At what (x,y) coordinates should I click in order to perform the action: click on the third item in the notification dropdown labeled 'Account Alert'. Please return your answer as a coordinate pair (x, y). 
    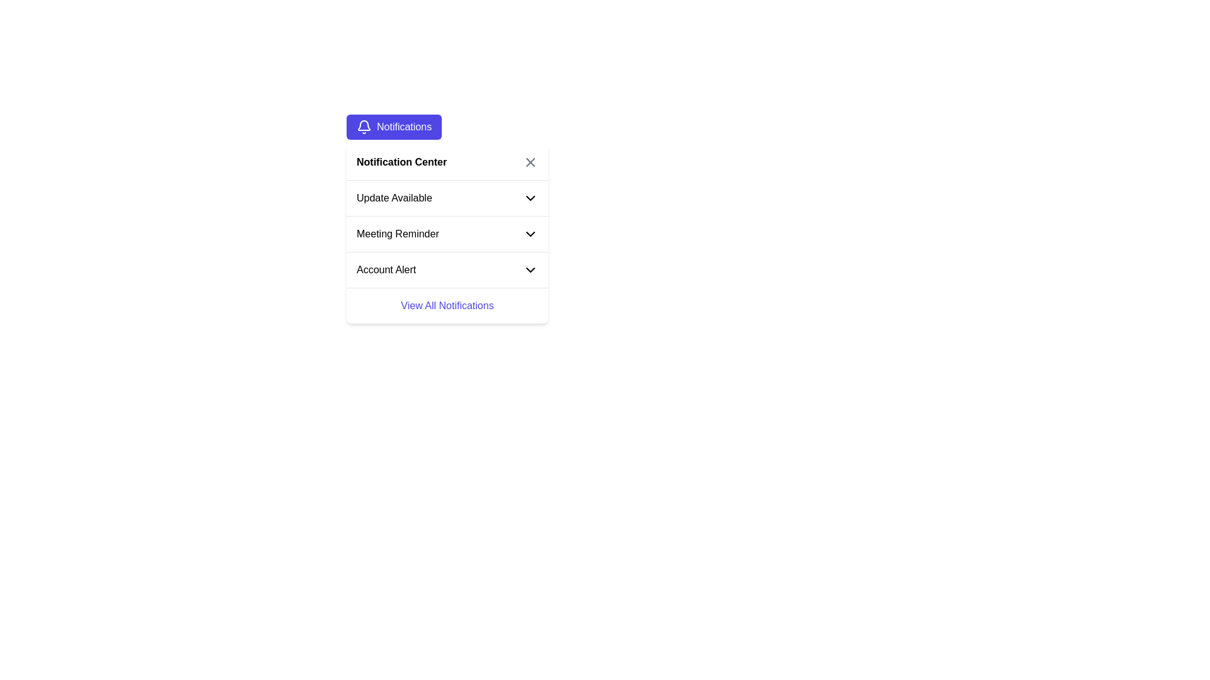
    Looking at the image, I should click on (447, 269).